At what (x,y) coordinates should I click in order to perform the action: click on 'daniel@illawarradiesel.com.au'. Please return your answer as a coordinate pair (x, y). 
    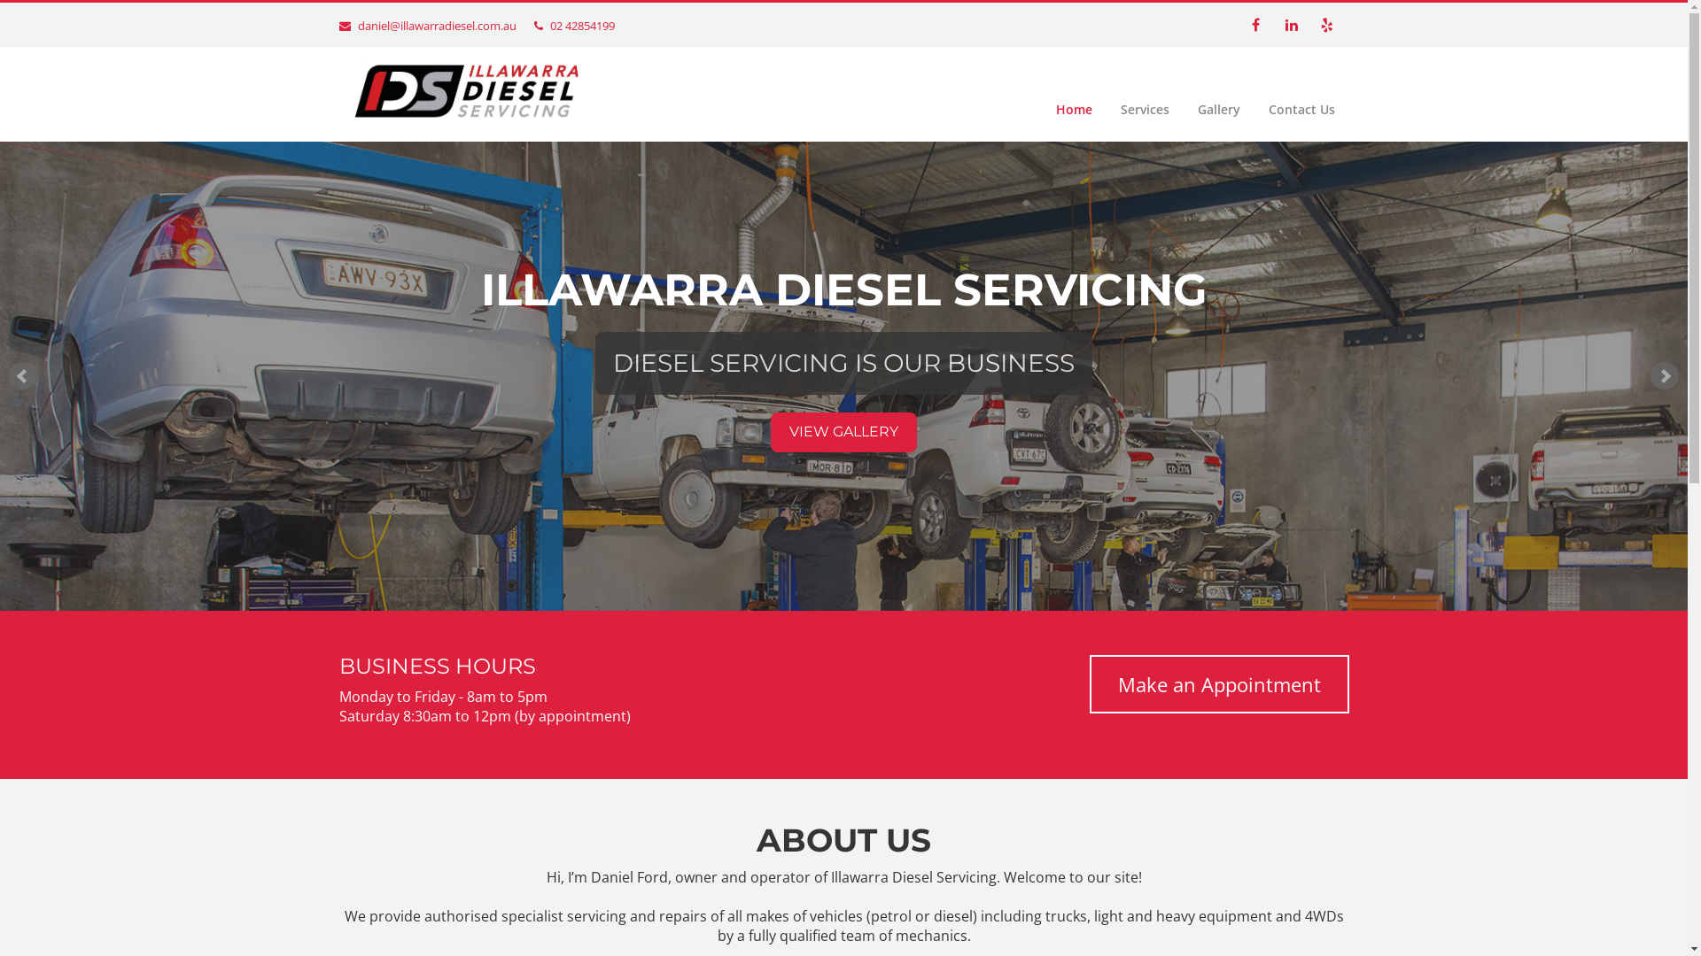
    Looking at the image, I should click on (437, 26).